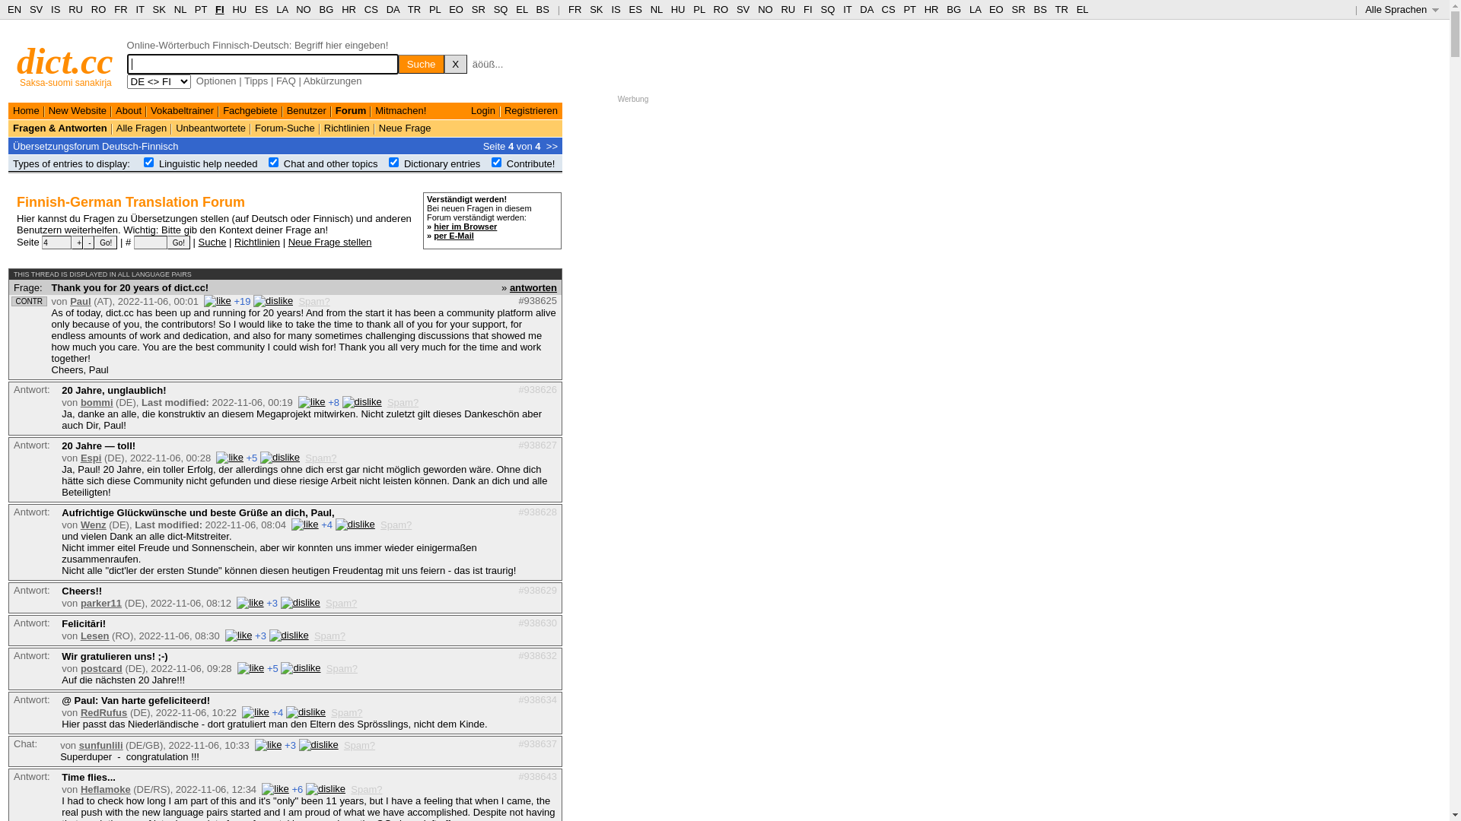 Image resolution: width=1461 pixels, height=821 pixels. Describe the element at coordinates (766, 9) in the screenshot. I see `'NO'` at that location.